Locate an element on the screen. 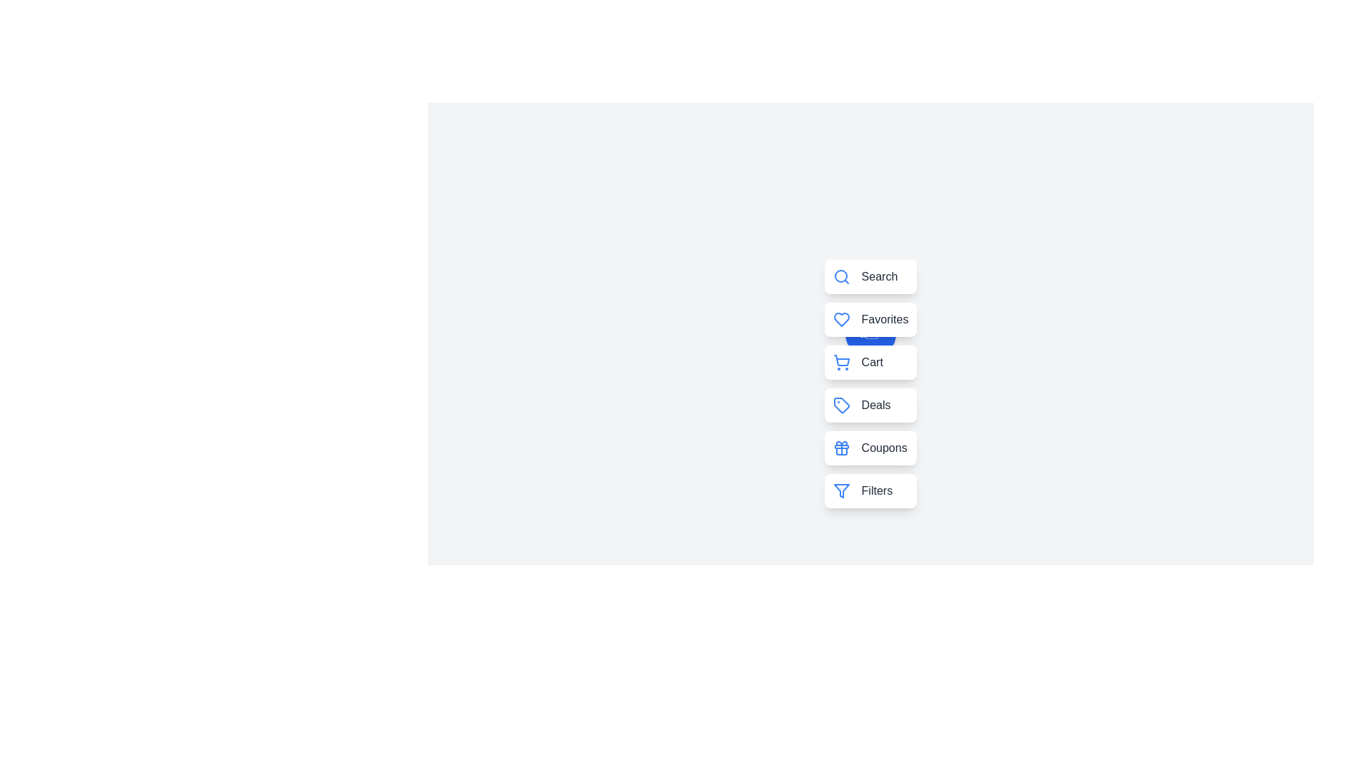  the Coupons button, which has a white background, a blue gift icon, and is located in the fifth position in a vertical list of buttons is located at coordinates (870, 448).